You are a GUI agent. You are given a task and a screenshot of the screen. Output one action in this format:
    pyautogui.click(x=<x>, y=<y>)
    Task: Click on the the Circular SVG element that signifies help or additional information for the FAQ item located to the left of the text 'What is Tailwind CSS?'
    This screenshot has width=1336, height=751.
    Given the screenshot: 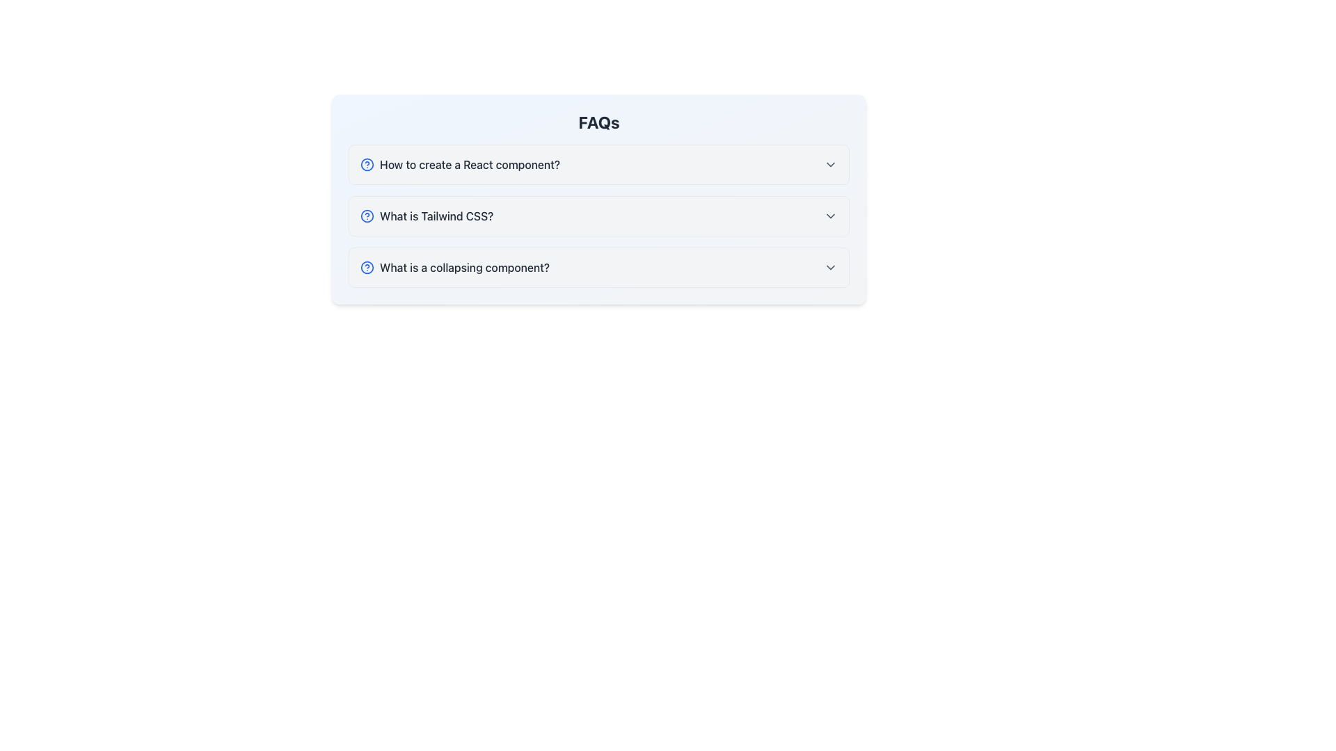 What is the action you would take?
    pyautogui.click(x=367, y=216)
    